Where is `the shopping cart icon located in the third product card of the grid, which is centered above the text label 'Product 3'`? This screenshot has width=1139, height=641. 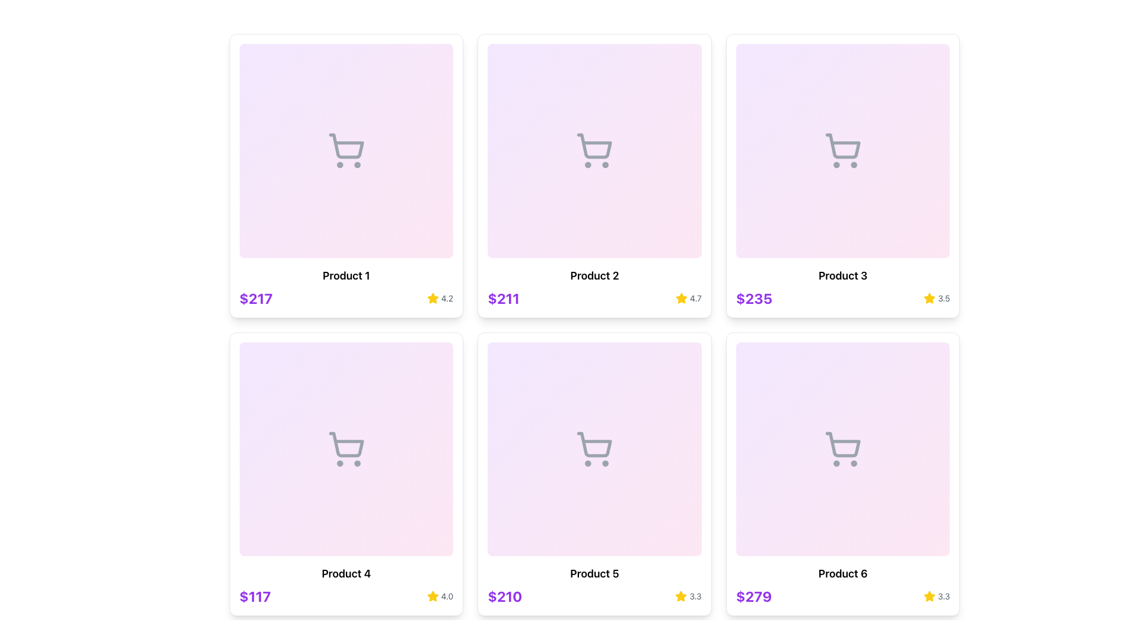
the shopping cart icon located in the third product card of the grid, which is centered above the text label 'Product 3' is located at coordinates (842, 150).